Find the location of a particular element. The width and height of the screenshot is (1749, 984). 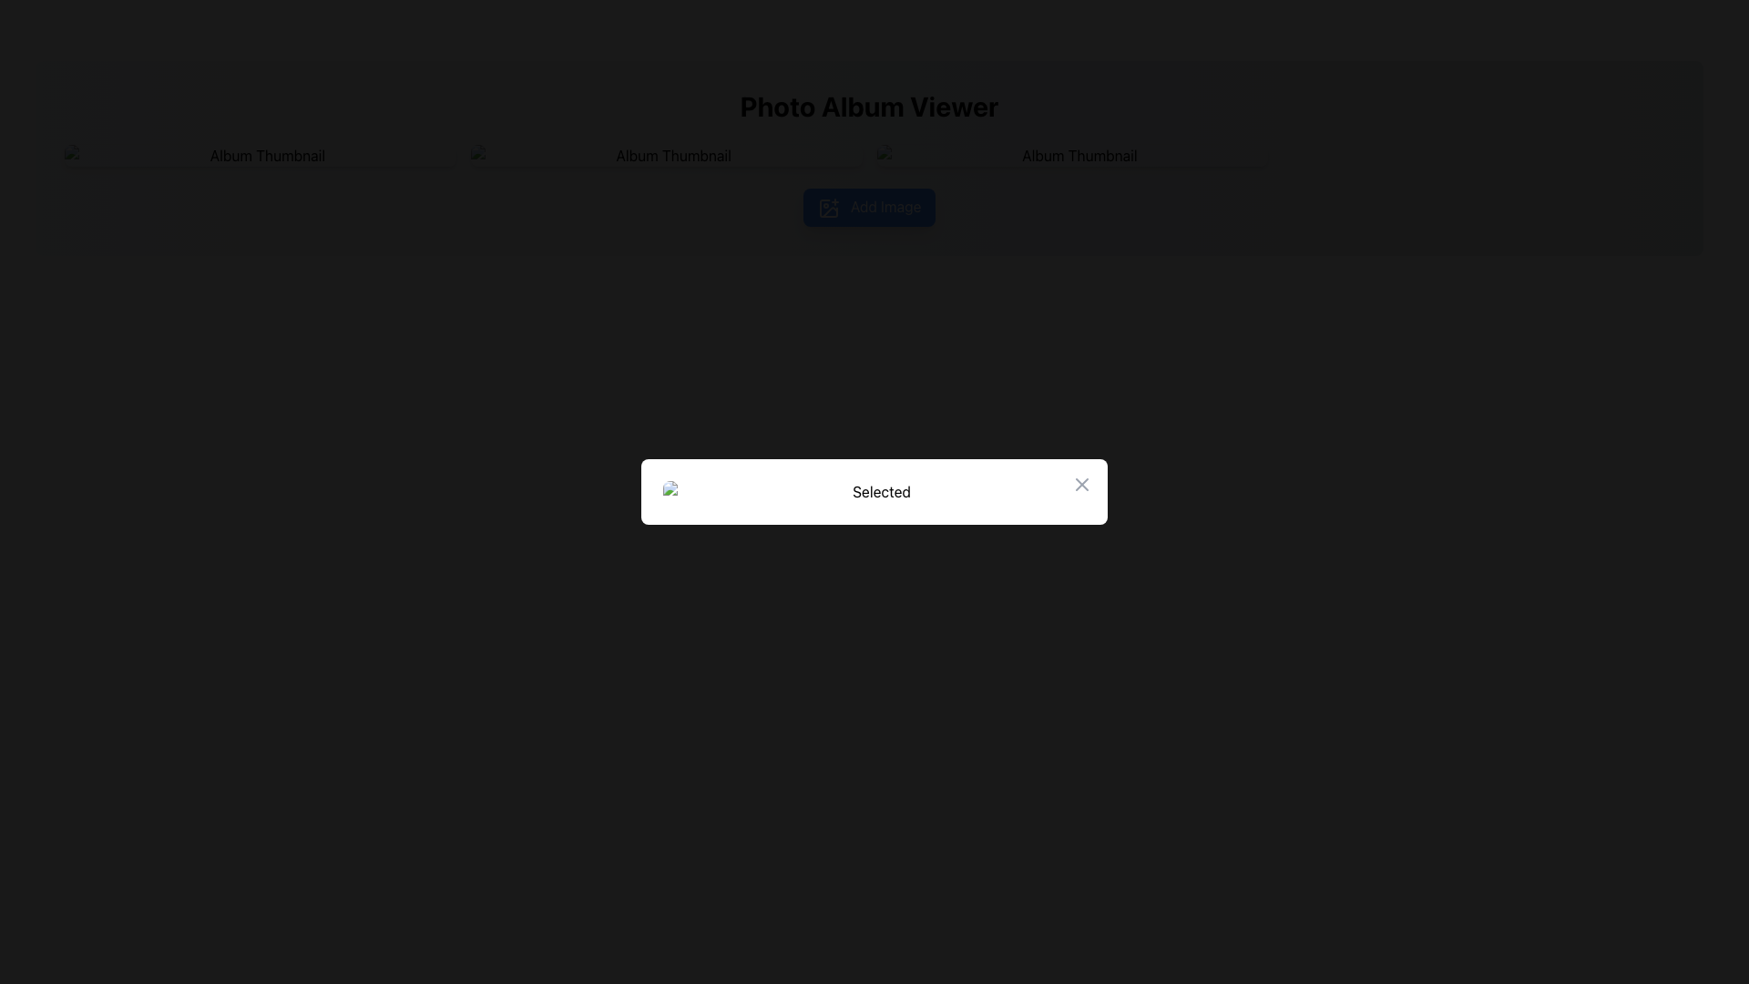

the interactive thumbnail album preview is located at coordinates (1071, 154).